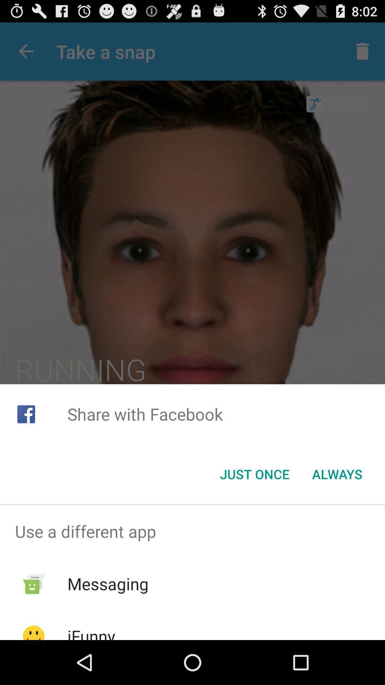 Image resolution: width=385 pixels, height=685 pixels. I want to click on button to the left of always button, so click(254, 474).